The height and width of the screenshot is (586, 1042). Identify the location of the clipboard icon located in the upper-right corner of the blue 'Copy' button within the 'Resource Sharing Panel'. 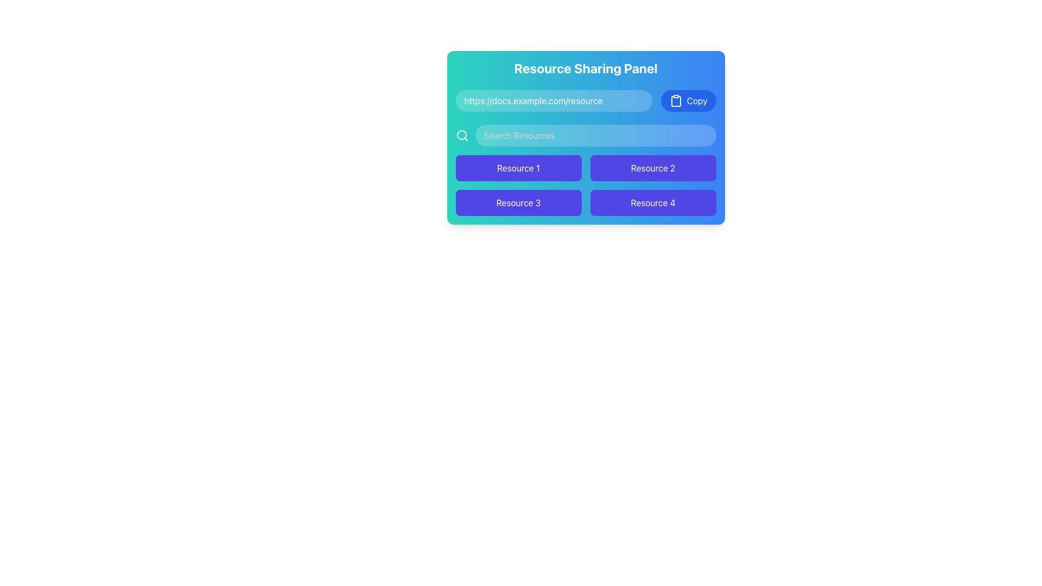
(675, 100).